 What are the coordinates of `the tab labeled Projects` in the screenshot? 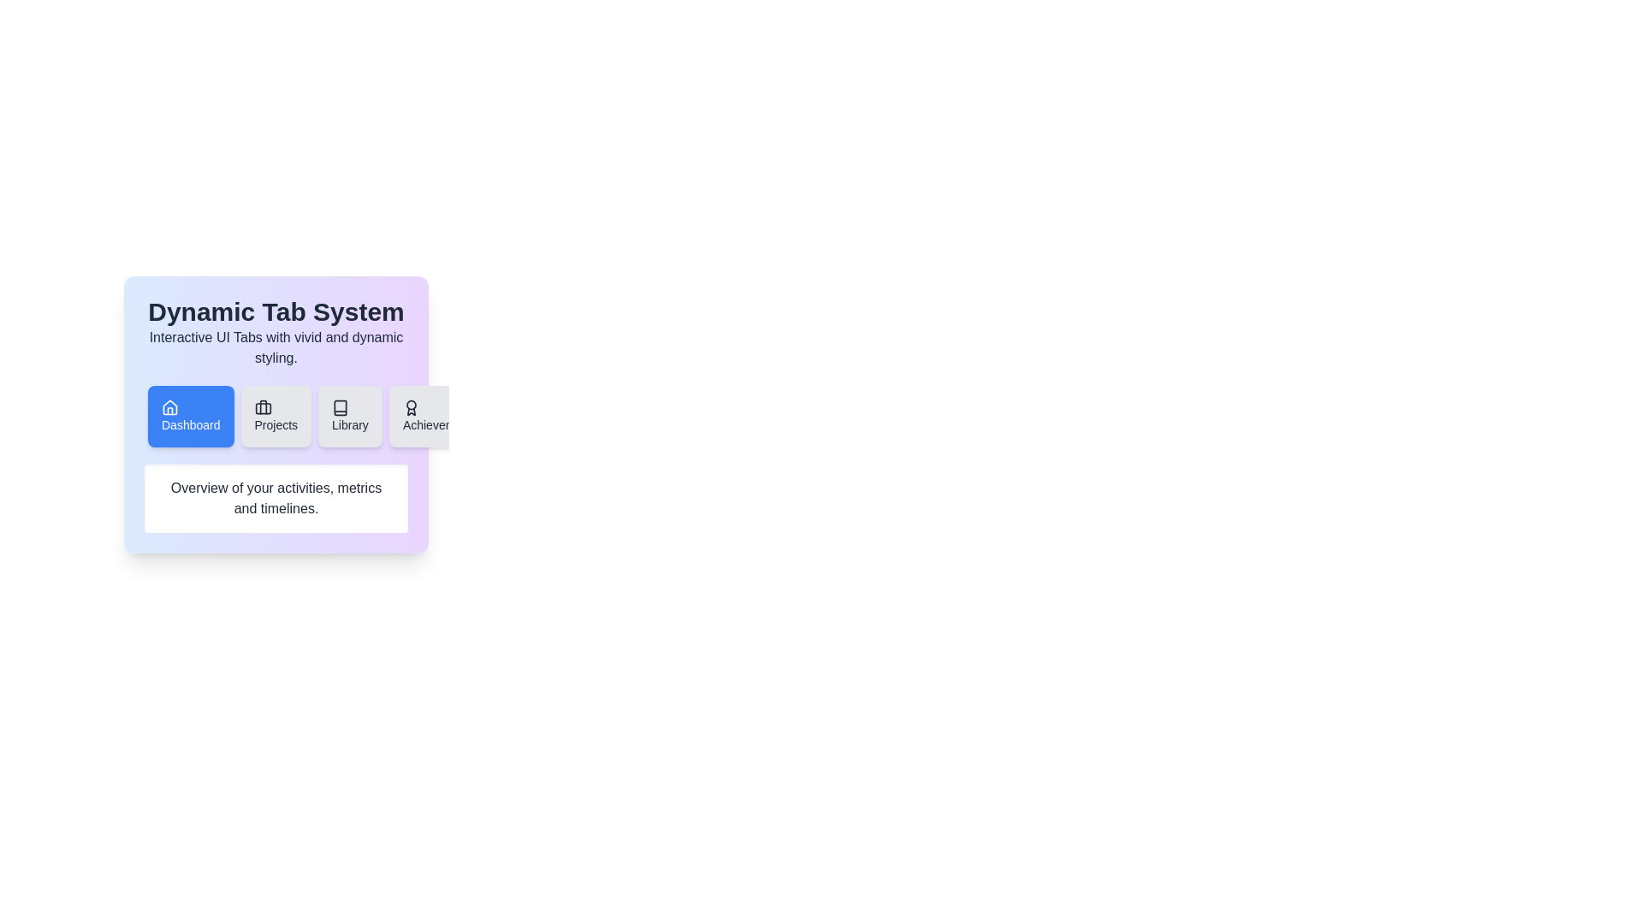 It's located at (276, 416).